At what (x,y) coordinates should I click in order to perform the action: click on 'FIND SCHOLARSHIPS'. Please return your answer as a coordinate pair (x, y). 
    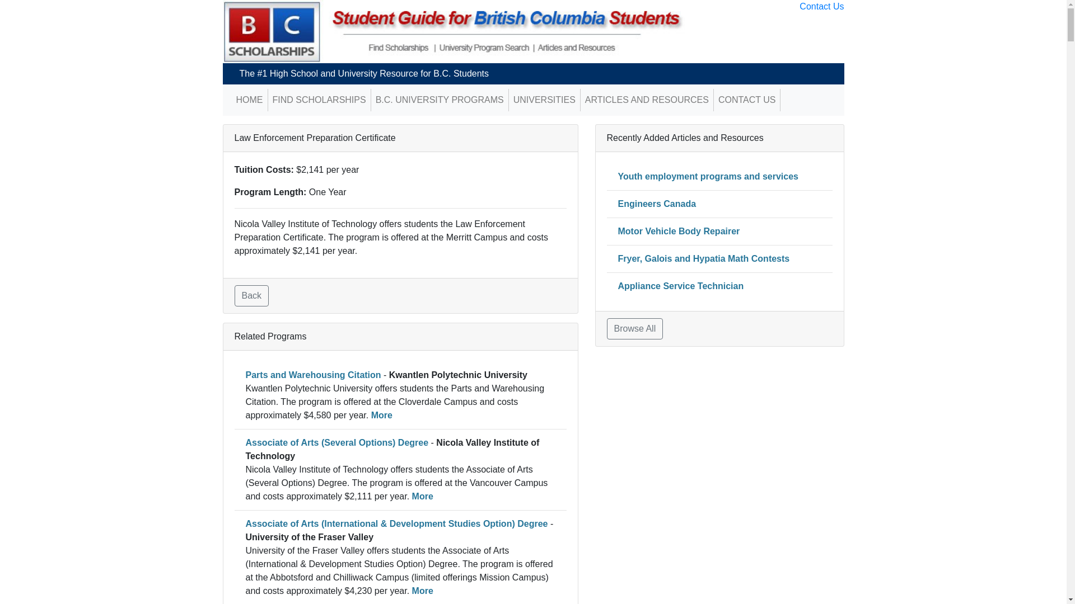
    Looking at the image, I should click on (318, 99).